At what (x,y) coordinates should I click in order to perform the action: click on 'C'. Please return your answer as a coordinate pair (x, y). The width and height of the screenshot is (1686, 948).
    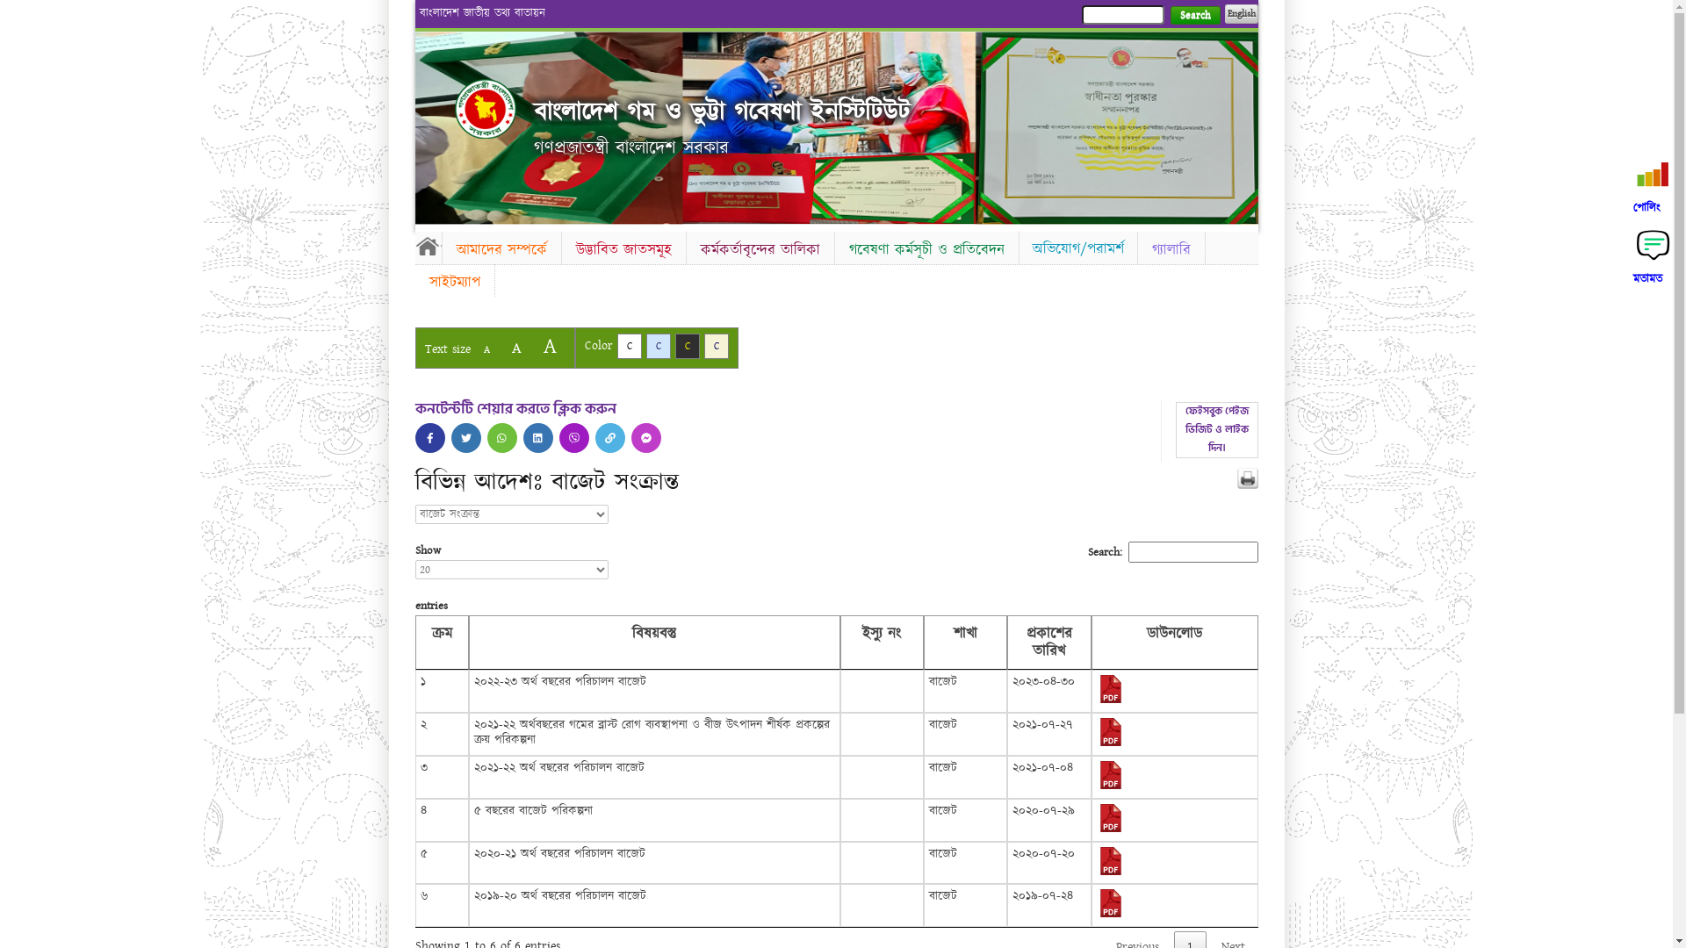
    Looking at the image, I should click on (645, 346).